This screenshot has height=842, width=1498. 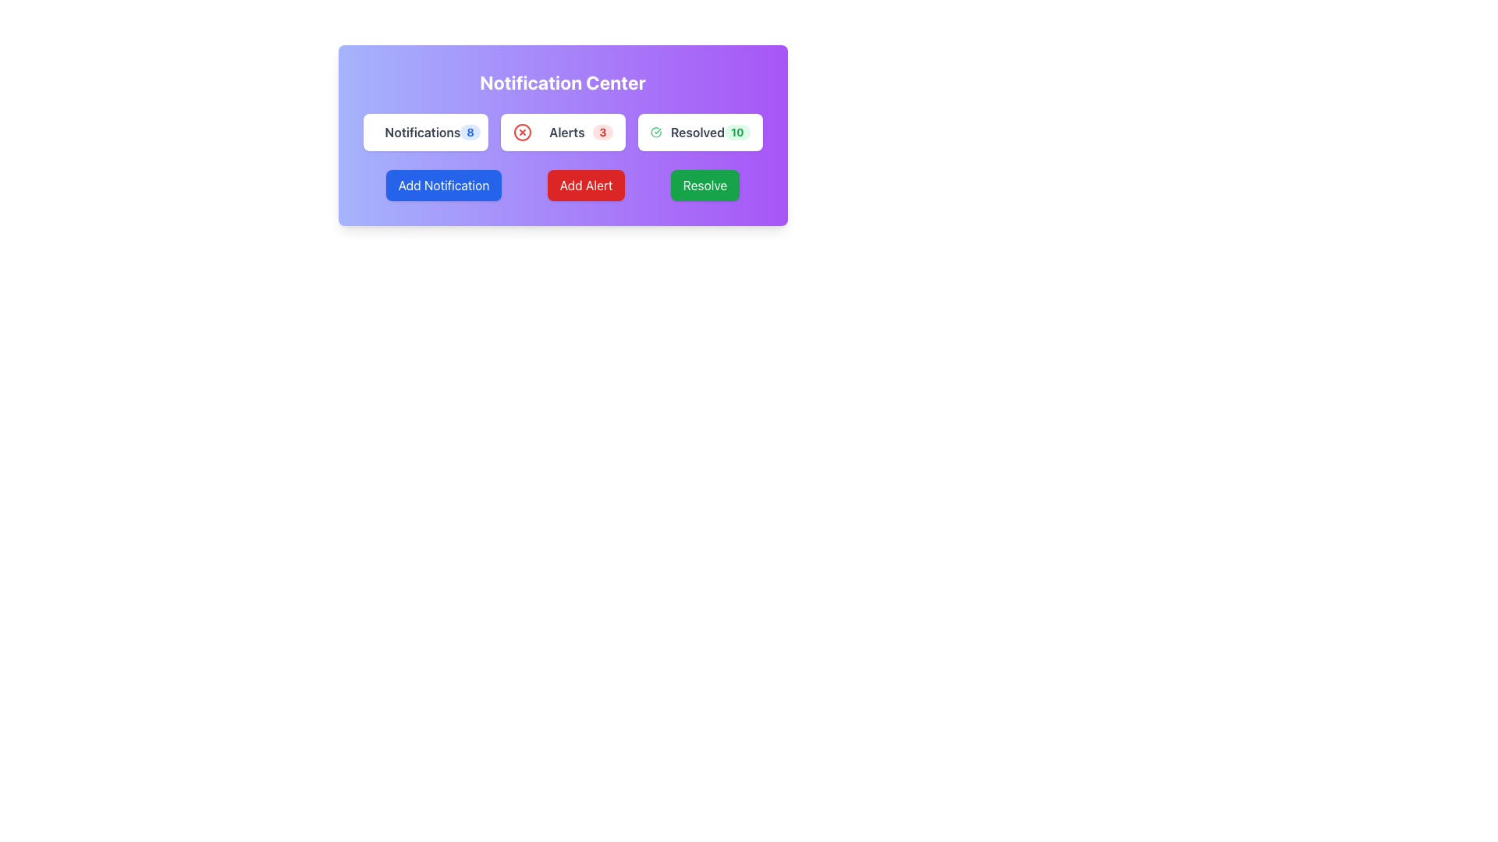 What do you see at coordinates (697, 131) in the screenshot?
I see `the text label displaying 'Resolved' in bold gray font, located between a green checkmark icon and a green-highlighted number '10'` at bounding box center [697, 131].